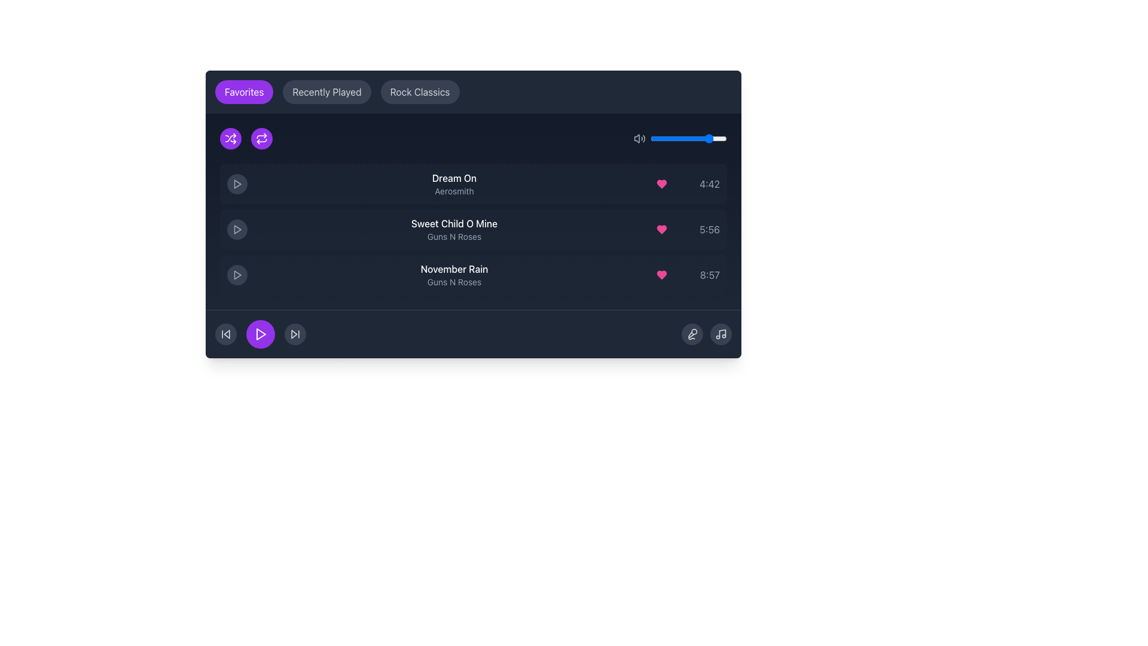 This screenshot has width=1148, height=646. What do you see at coordinates (261, 138) in the screenshot?
I see `the 'Repeat' IconButton, which is the second icon from the left in a horizontal row located on the top-left area of the dark panel interface` at bounding box center [261, 138].